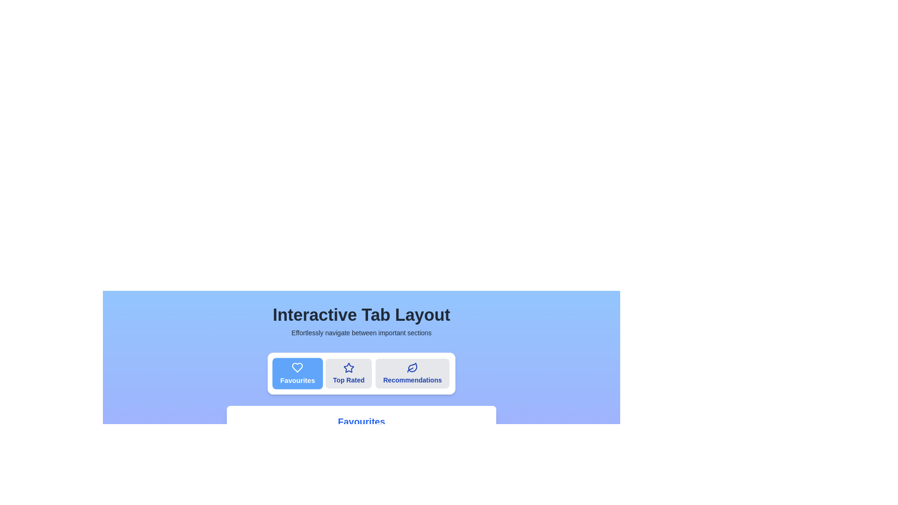 This screenshot has height=505, width=898. What do you see at coordinates (412, 373) in the screenshot?
I see `the tab labeled Recommendations to switch to the corresponding section` at bounding box center [412, 373].